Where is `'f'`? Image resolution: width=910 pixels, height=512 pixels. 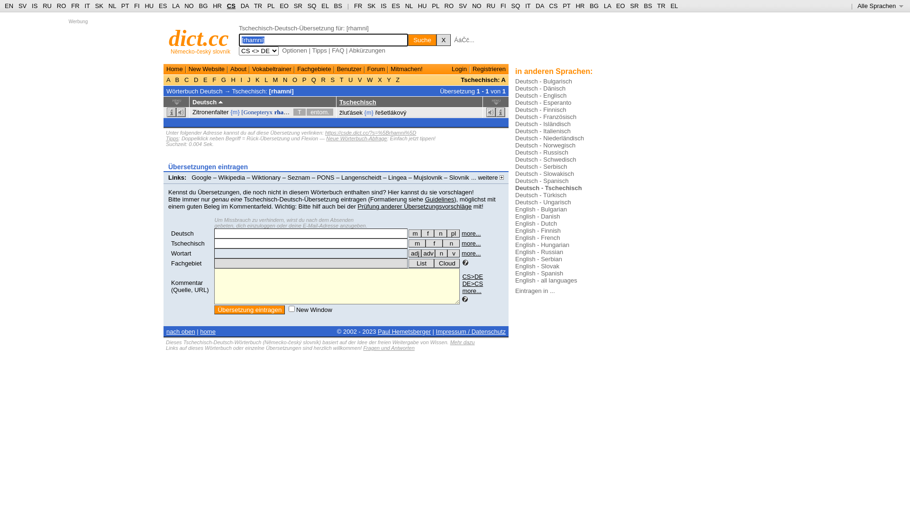 'f' is located at coordinates (425, 243).